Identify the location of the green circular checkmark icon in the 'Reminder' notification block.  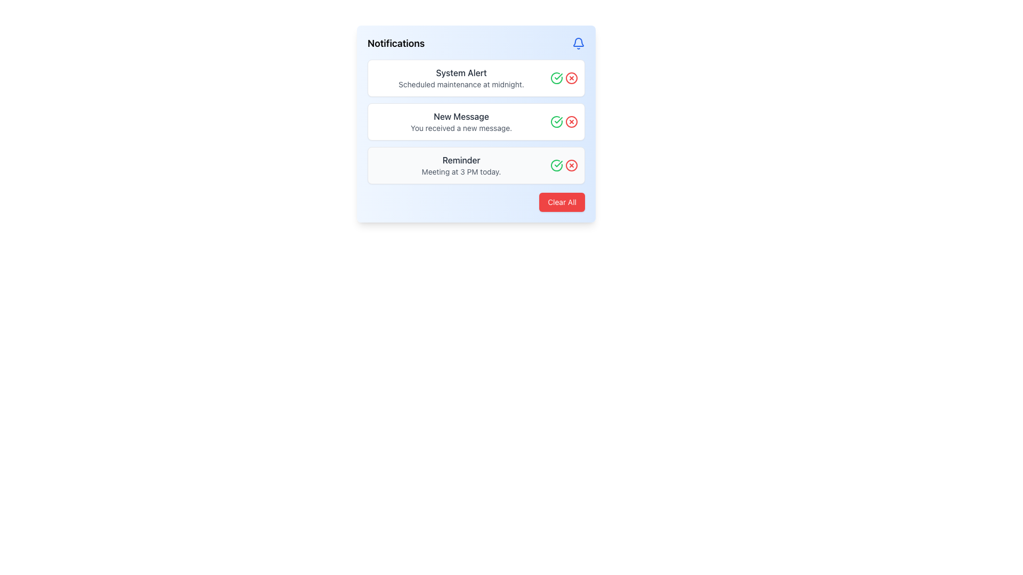
(556, 166).